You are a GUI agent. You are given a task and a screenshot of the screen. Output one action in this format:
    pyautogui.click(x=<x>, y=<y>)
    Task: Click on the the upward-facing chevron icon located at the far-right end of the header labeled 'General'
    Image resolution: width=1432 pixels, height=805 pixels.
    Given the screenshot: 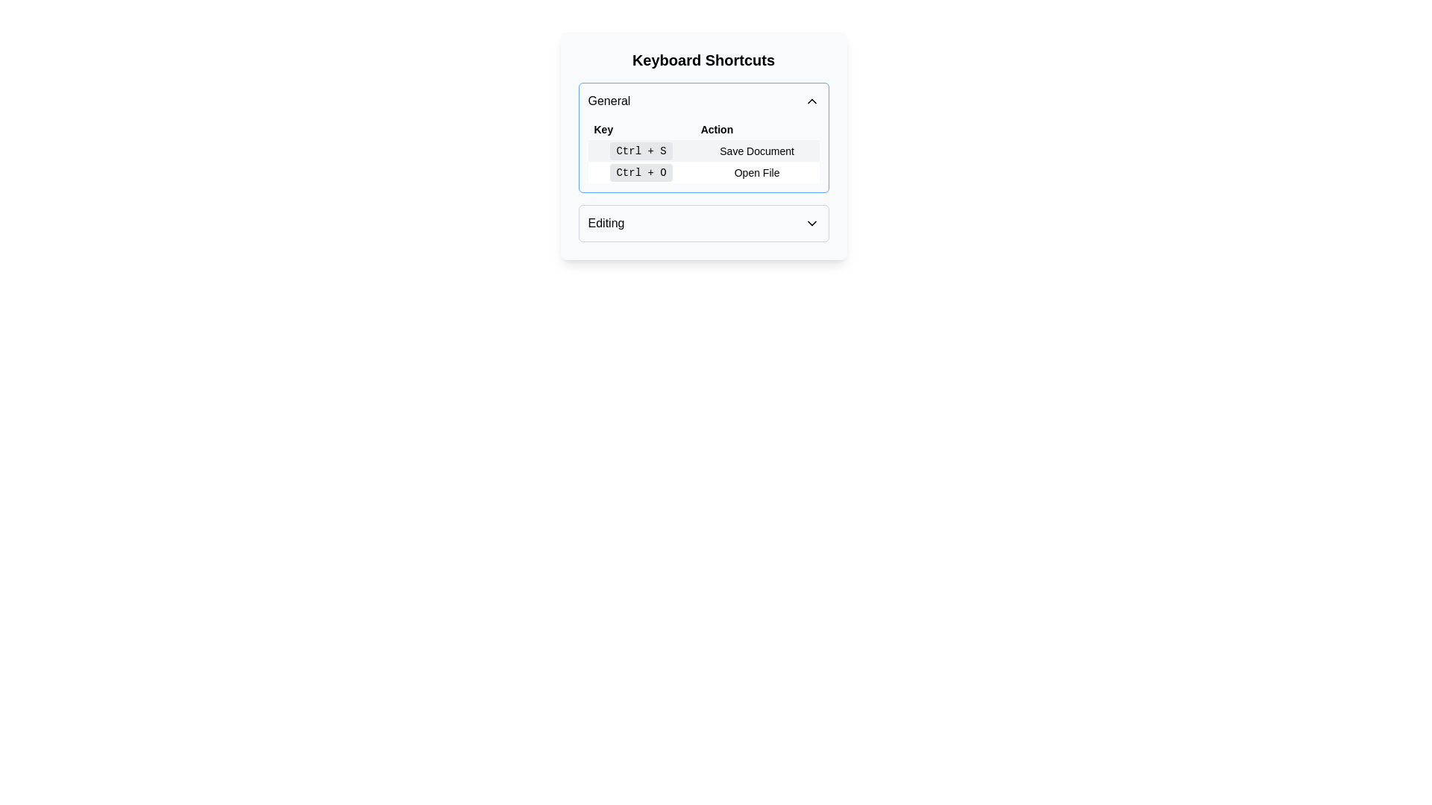 What is the action you would take?
    pyautogui.click(x=811, y=101)
    